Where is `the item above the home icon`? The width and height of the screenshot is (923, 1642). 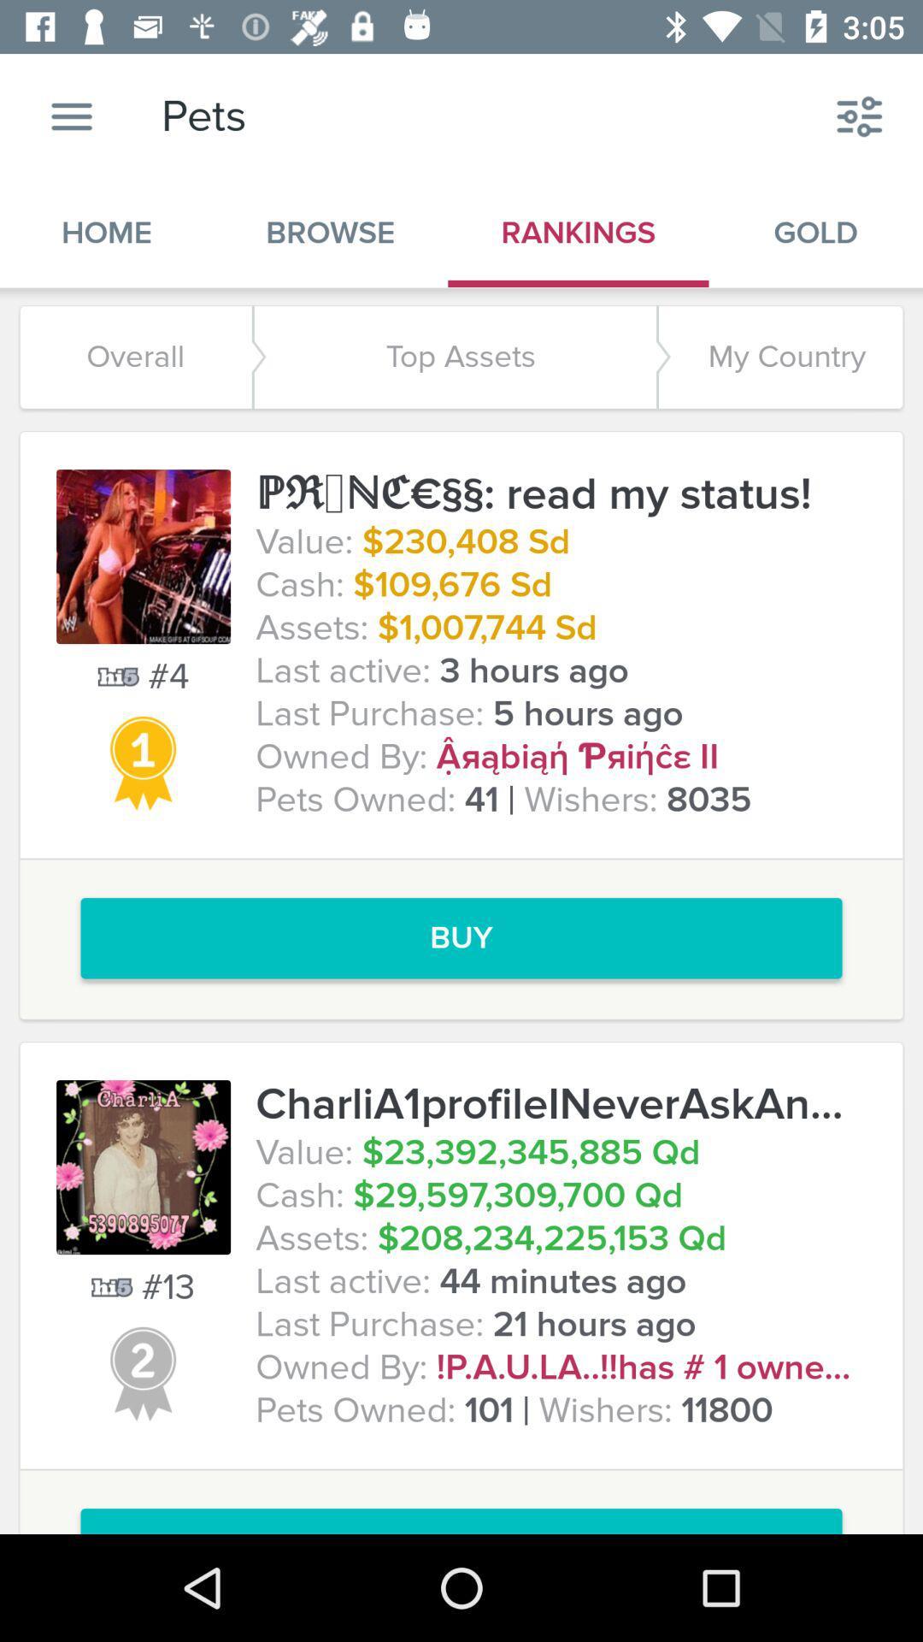
the item above the home icon is located at coordinates (71, 115).